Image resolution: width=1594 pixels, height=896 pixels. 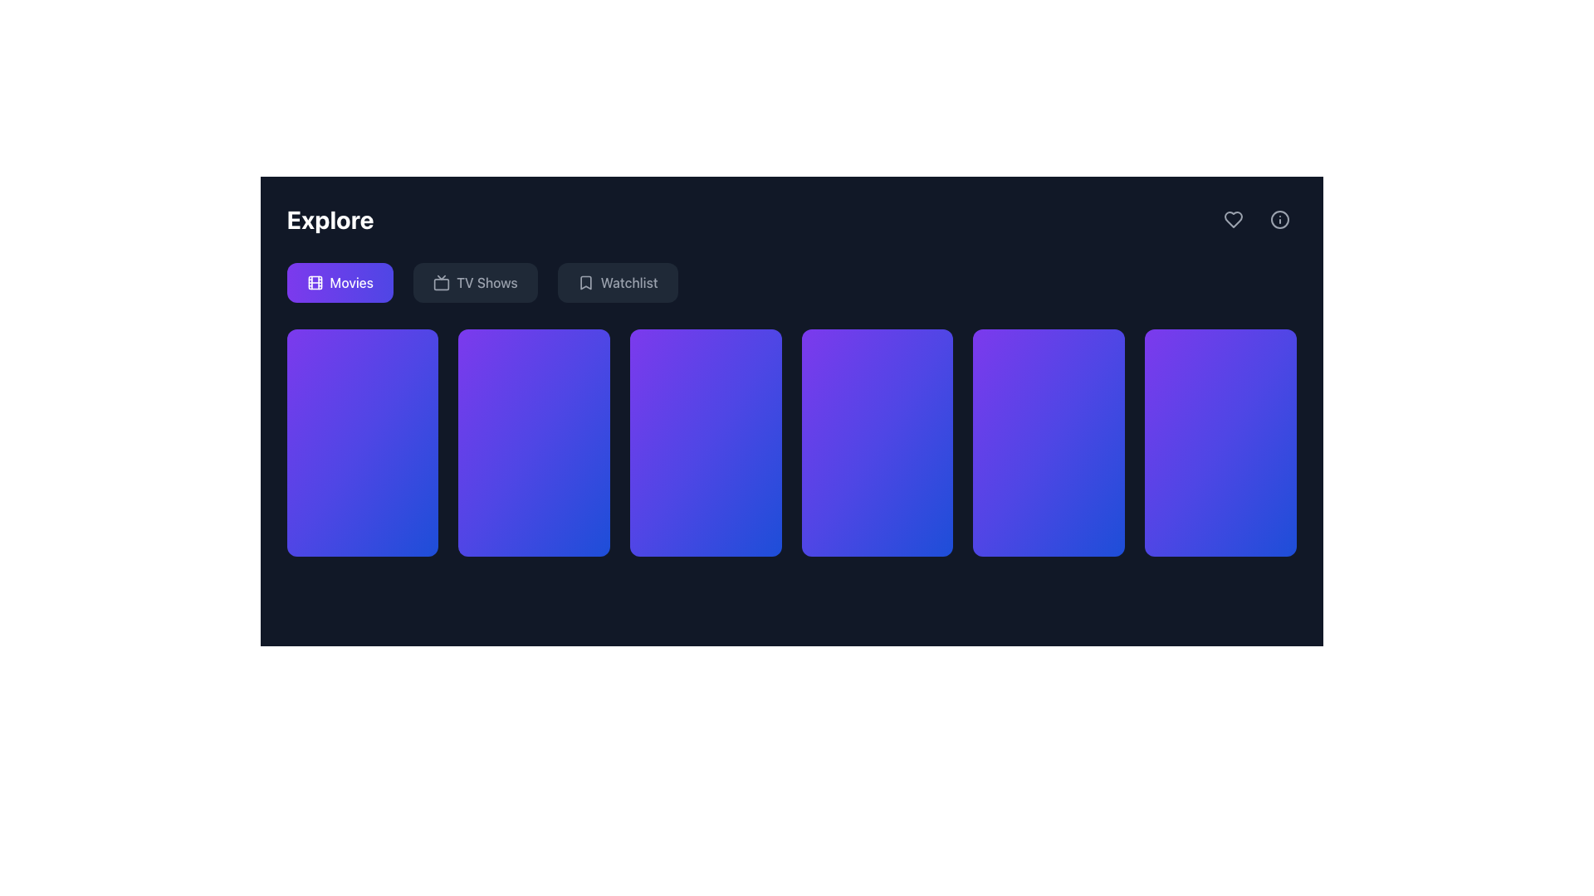 What do you see at coordinates (474, 281) in the screenshot?
I see `the 'TV Shows' button, which is the second option in the navigation bar below the 'Explore' header, to activate its hover state` at bounding box center [474, 281].